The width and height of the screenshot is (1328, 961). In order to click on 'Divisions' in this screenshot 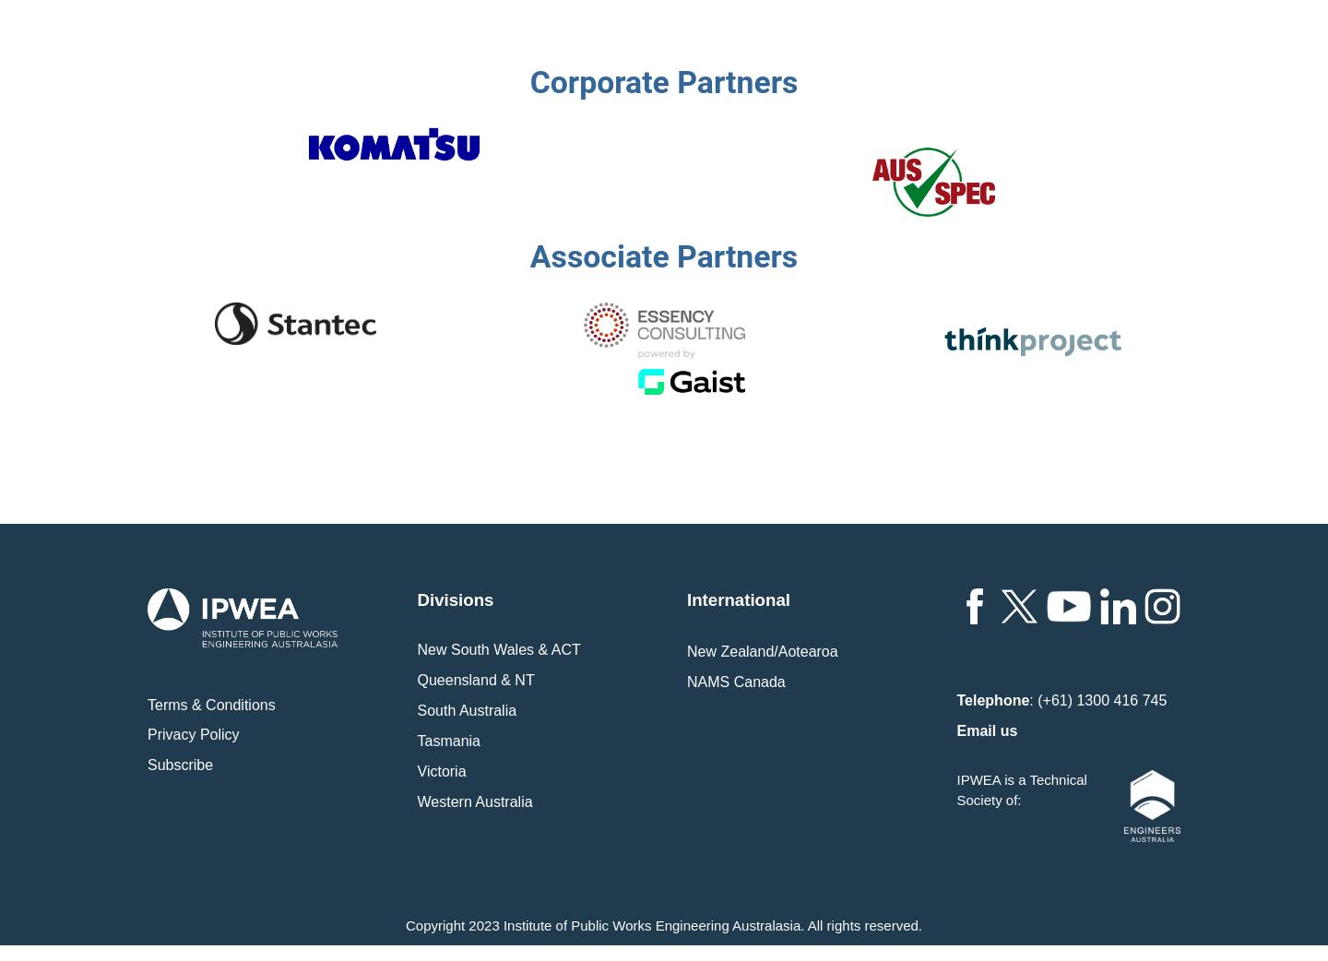, I will do `click(454, 599)`.